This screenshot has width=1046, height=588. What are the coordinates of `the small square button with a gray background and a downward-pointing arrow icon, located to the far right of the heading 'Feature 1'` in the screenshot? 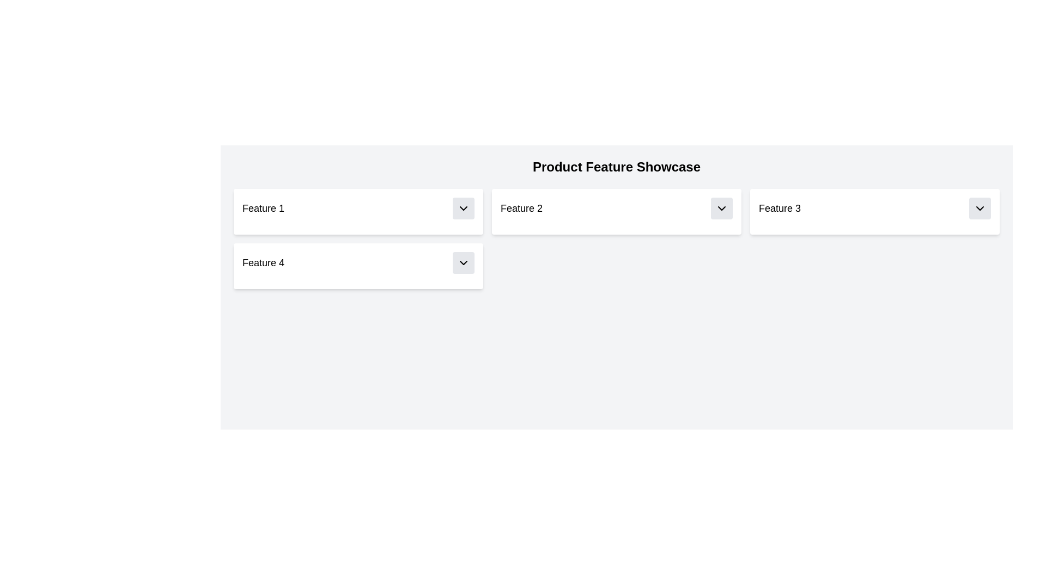 It's located at (463, 208).